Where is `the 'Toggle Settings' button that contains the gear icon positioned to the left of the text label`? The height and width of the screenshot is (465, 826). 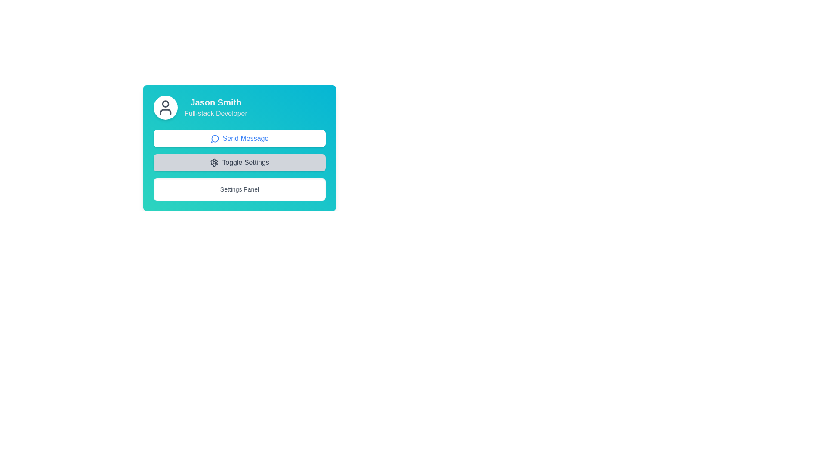 the 'Toggle Settings' button that contains the gear icon positioned to the left of the text label is located at coordinates (214, 163).